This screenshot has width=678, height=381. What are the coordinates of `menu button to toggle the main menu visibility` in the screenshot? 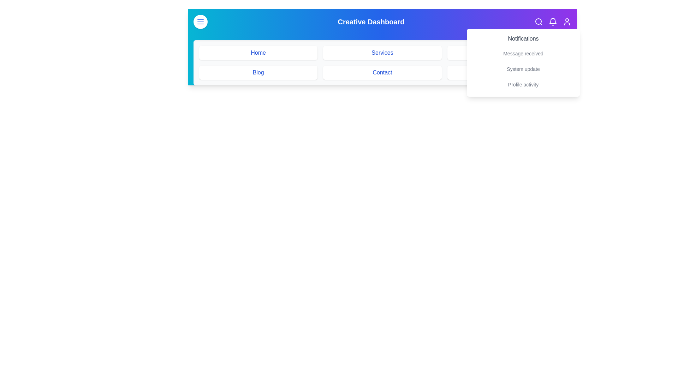 It's located at (200, 21).